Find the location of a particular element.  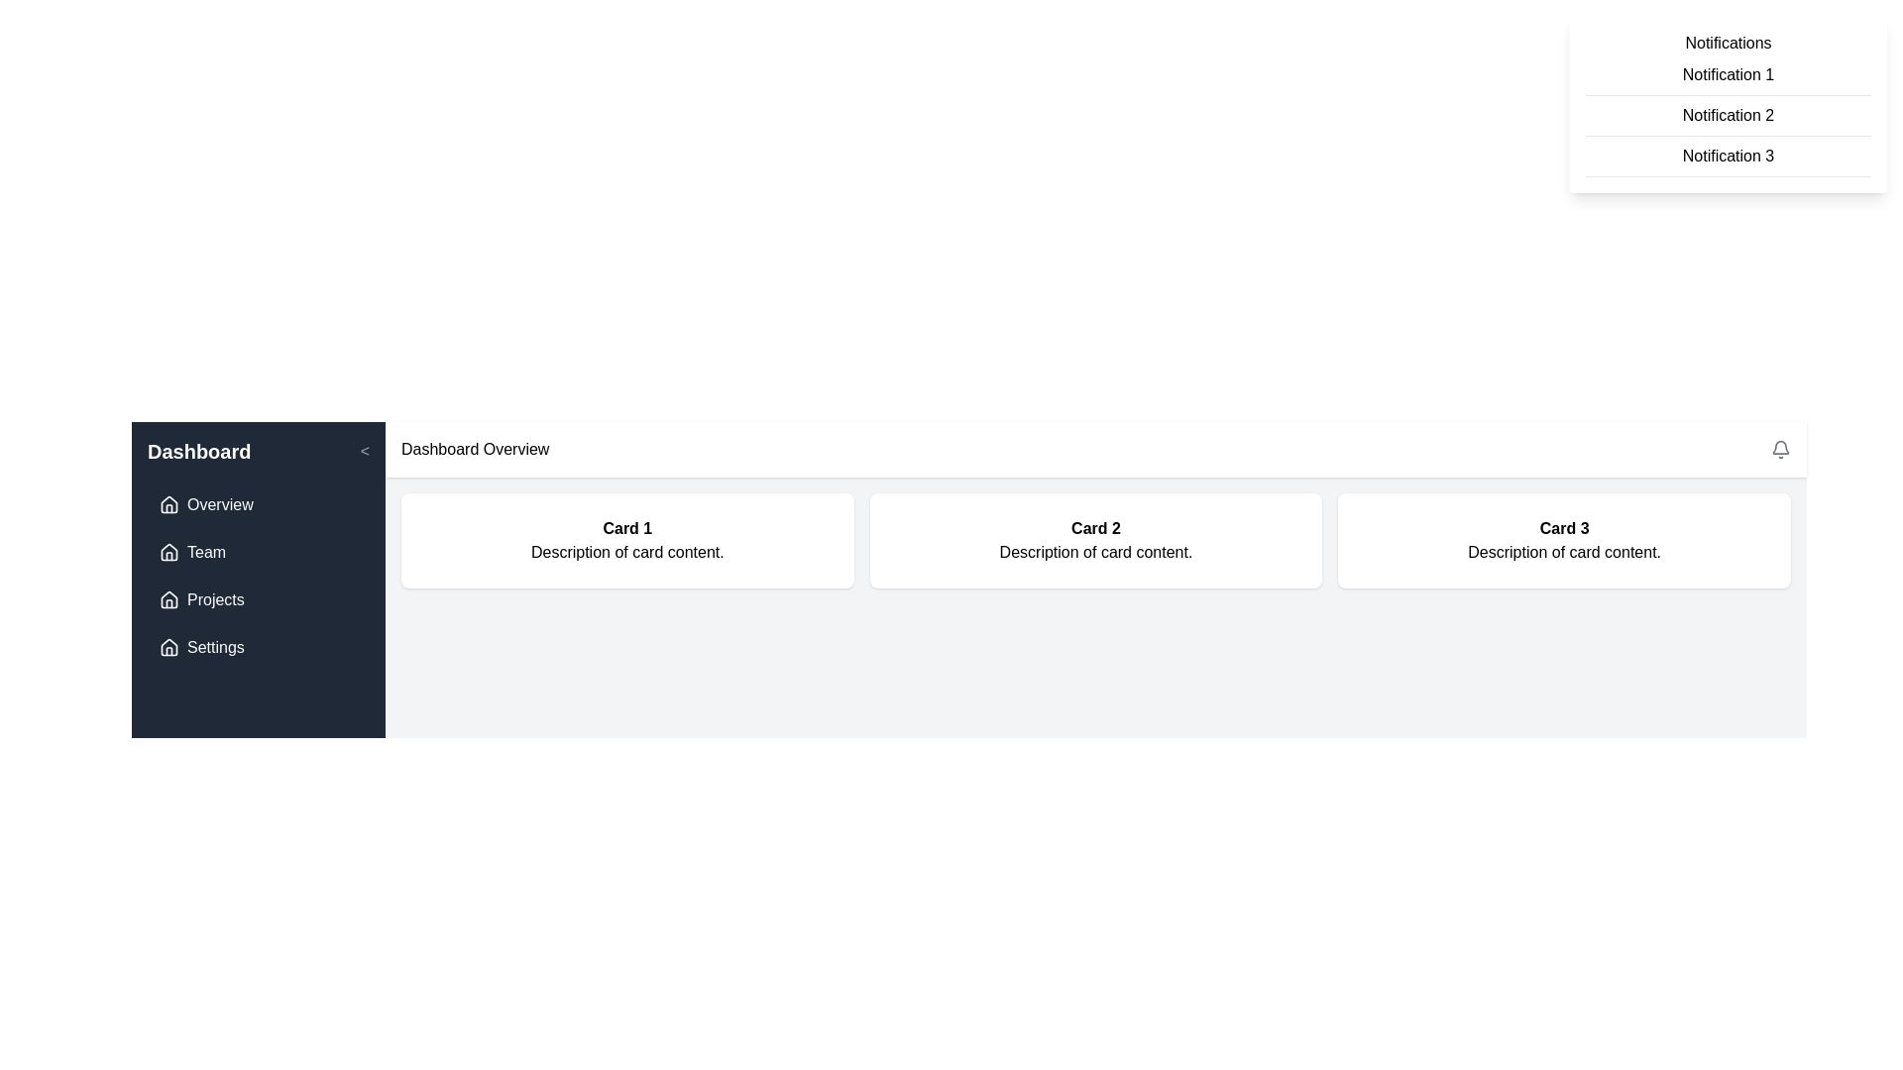

the 'Settings' text label in the dark blue sidebar menu is located at coordinates (215, 648).